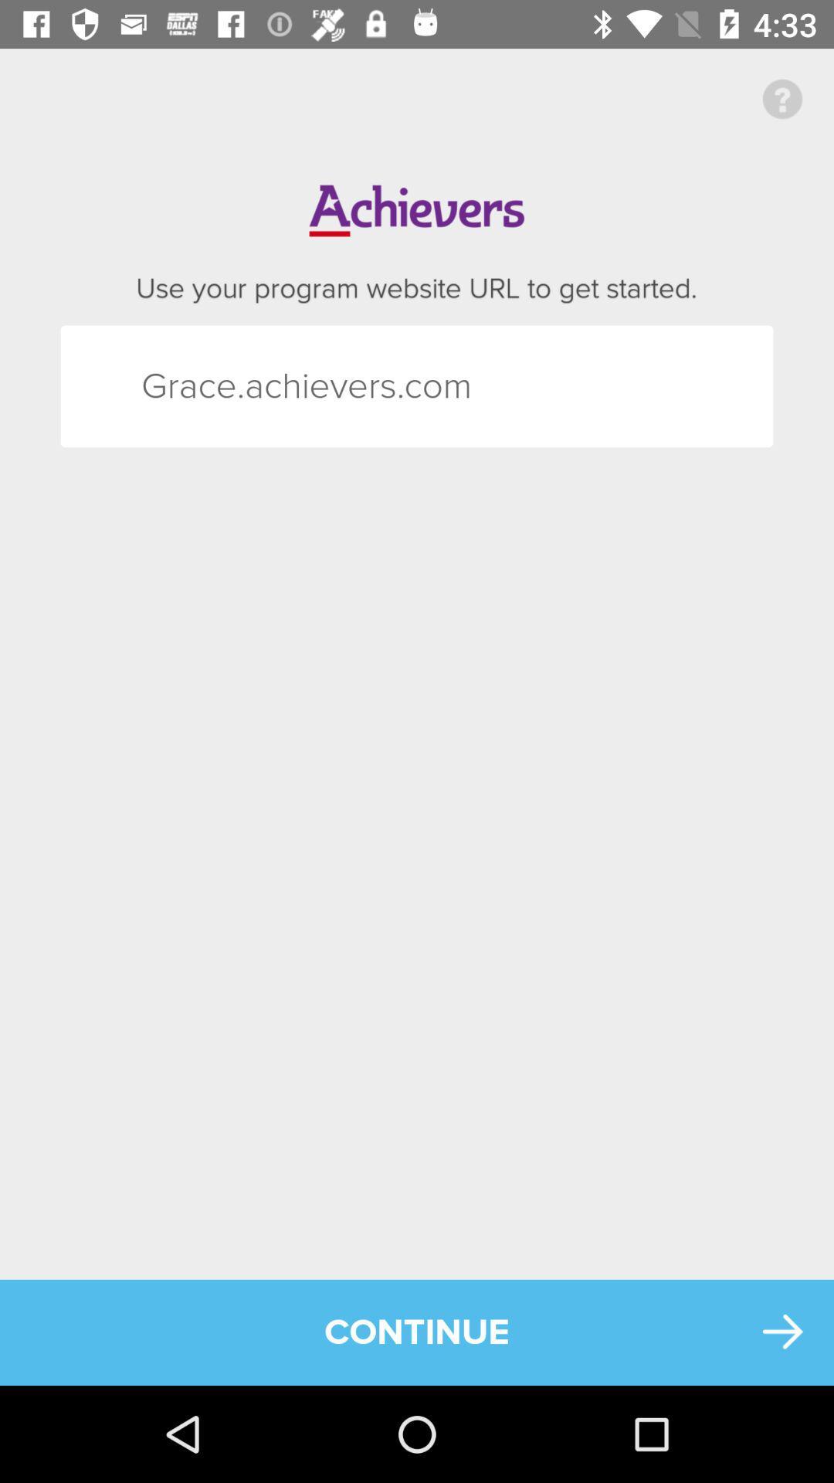 The image size is (834, 1483). Describe the element at coordinates (169, 386) in the screenshot. I see `the icon at the top left corner` at that location.